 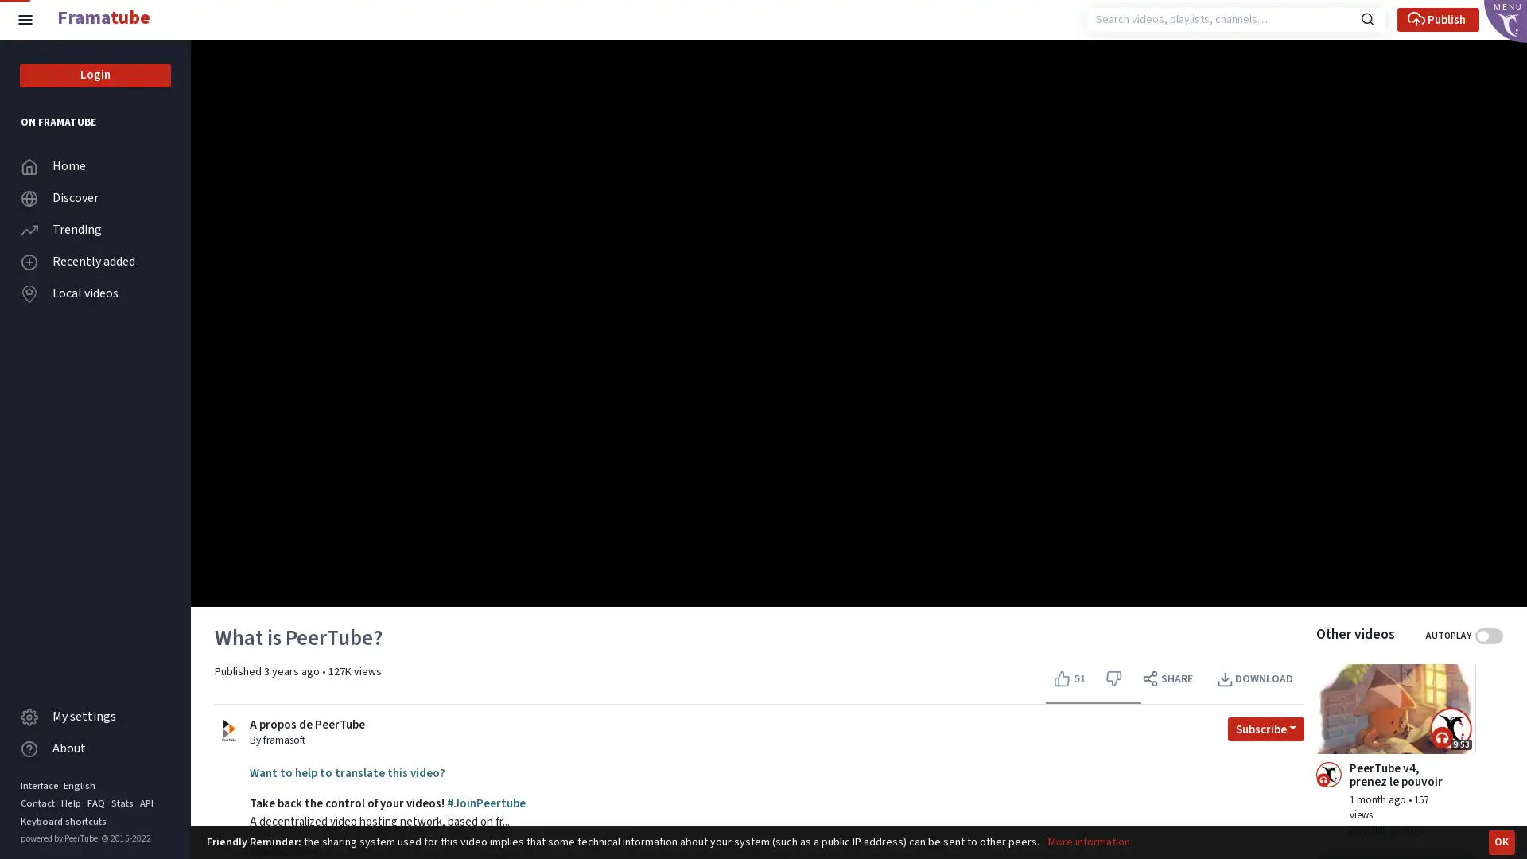 I want to click on Close the left menu, so click(x=25, y=19).